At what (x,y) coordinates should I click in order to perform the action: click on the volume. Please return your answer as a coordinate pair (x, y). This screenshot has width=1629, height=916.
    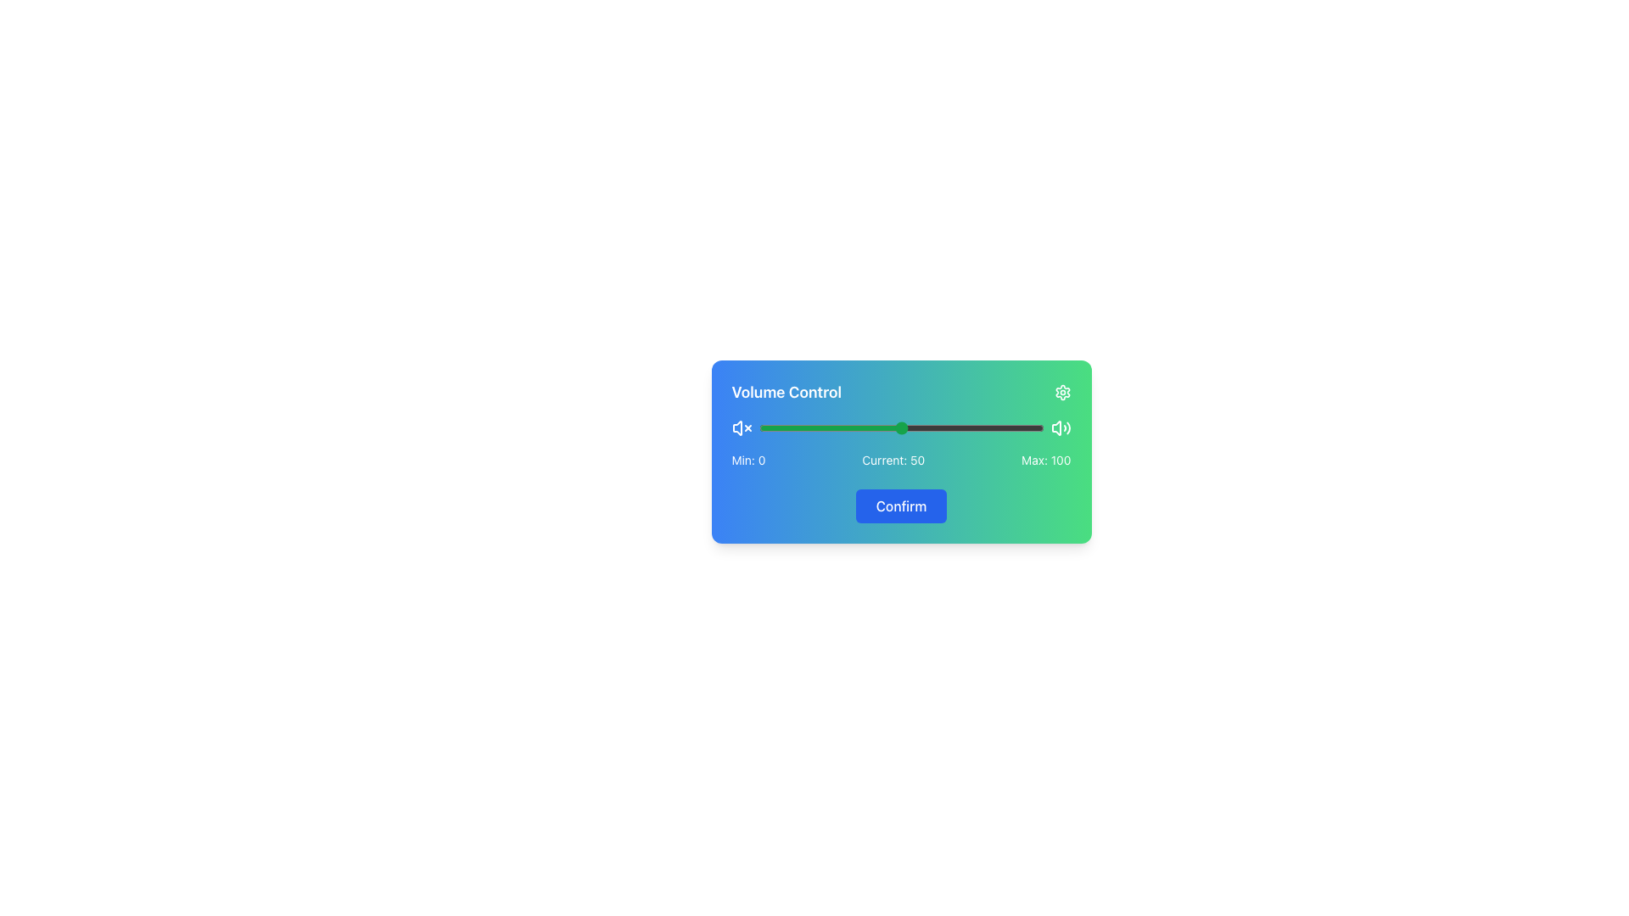
    Looking at the image, I should click on (853, 427).